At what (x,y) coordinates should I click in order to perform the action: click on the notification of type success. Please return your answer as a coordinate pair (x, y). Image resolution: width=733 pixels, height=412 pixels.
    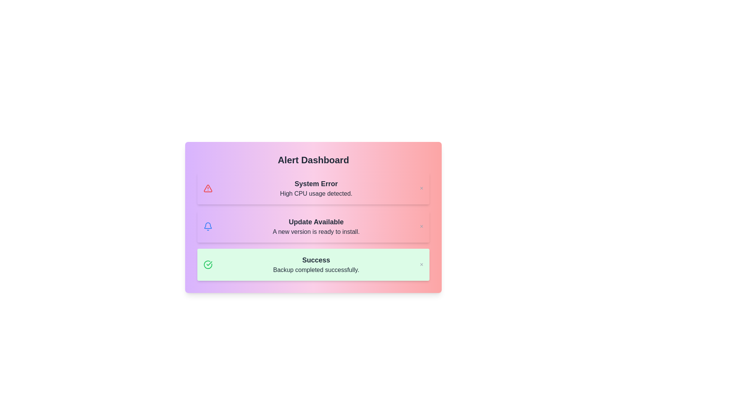
    Looking at the image, I should click on (313, 264).